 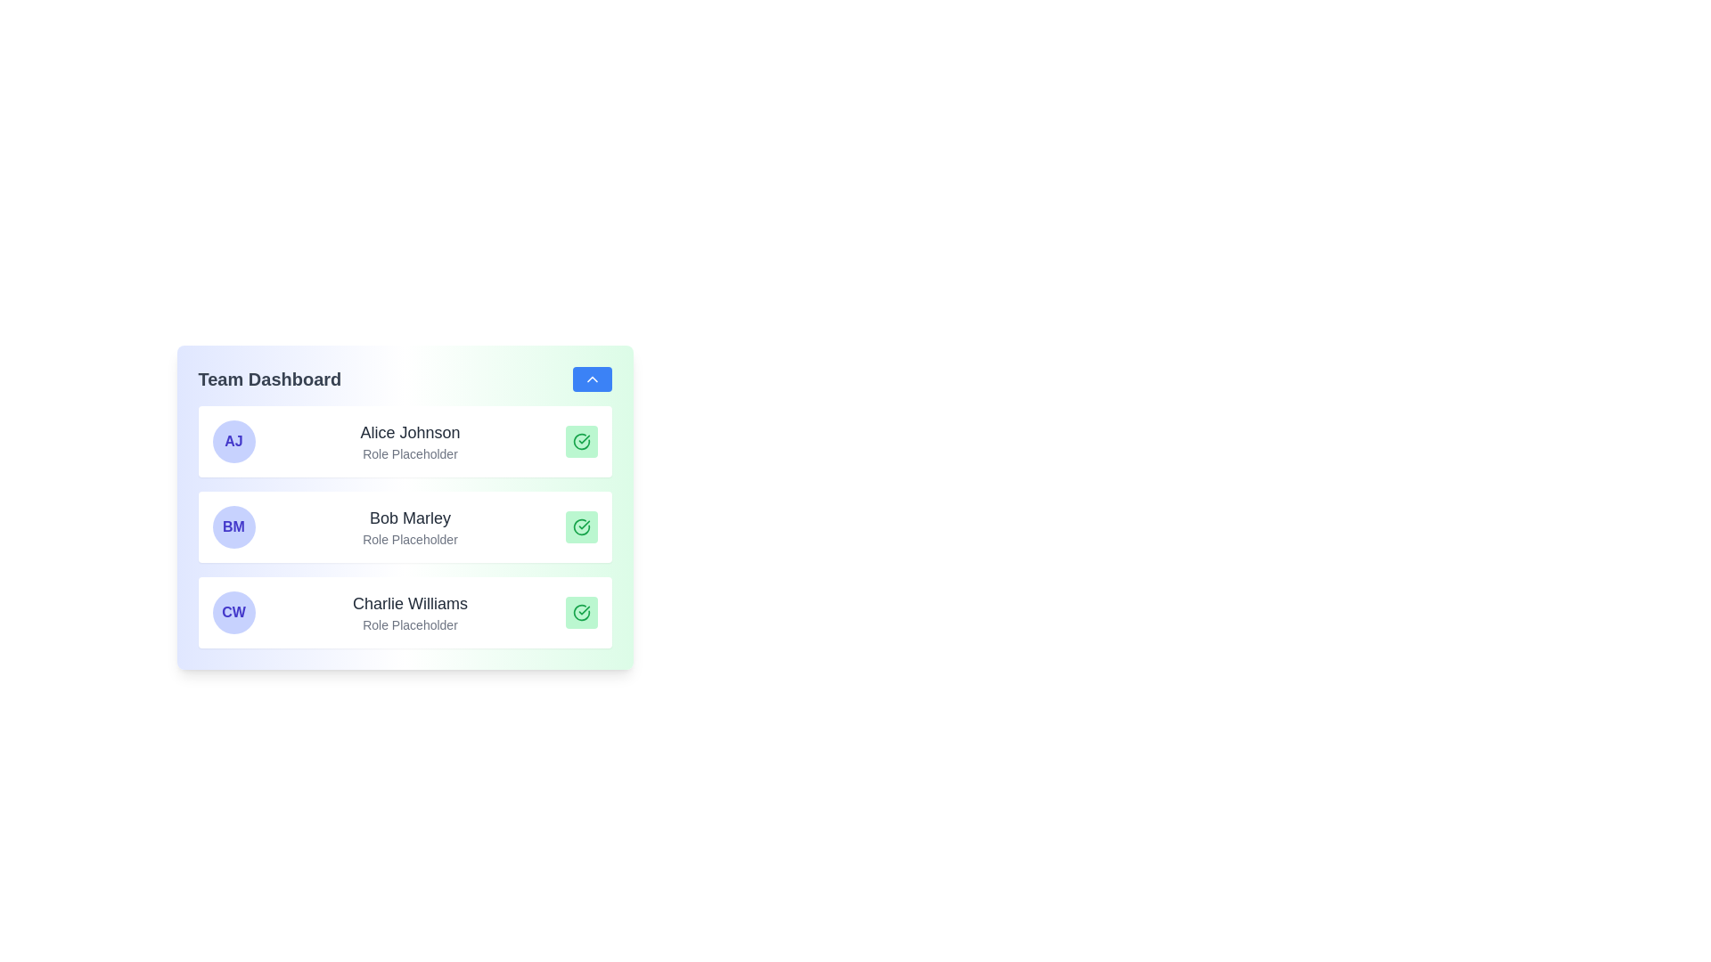 What do you see at coordinates (581, 611) in the screenshot?
I see `the completed status icon located to the right of 'Charlie Williams Role Placeholder', which is the third entry in the vertical list` at bounding box center [581, 611].